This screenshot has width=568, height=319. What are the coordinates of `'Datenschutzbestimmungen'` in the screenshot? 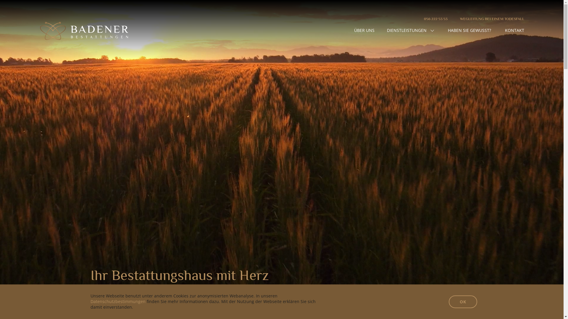 It's located at (118, 302).